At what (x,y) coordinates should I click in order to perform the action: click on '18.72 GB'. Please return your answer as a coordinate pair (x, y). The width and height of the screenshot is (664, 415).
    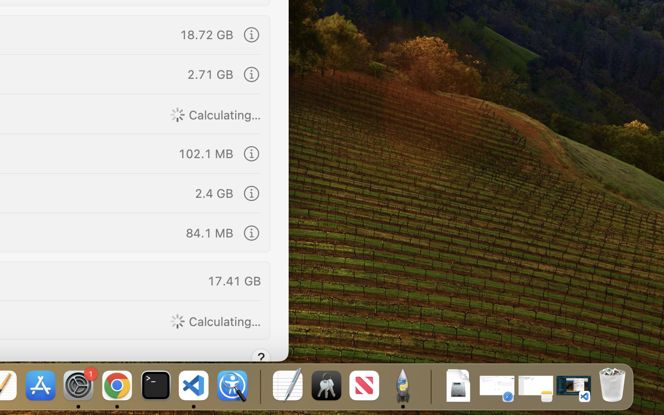
    Looking at the image, I should click on (206, 33).